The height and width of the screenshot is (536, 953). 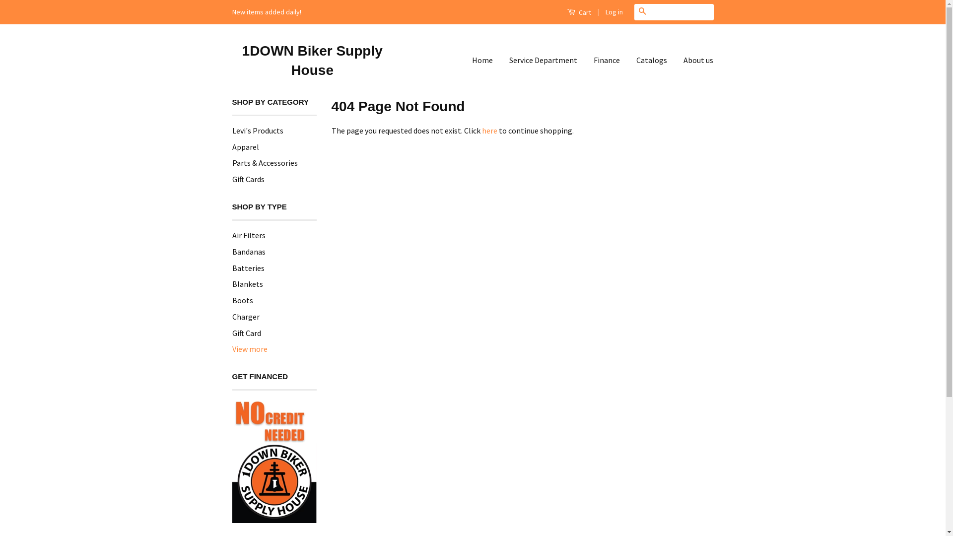 What do you see at coordinates (231, 251) in the screenshot?
I see `'Bandanas'` at bounding box center [231, 251].